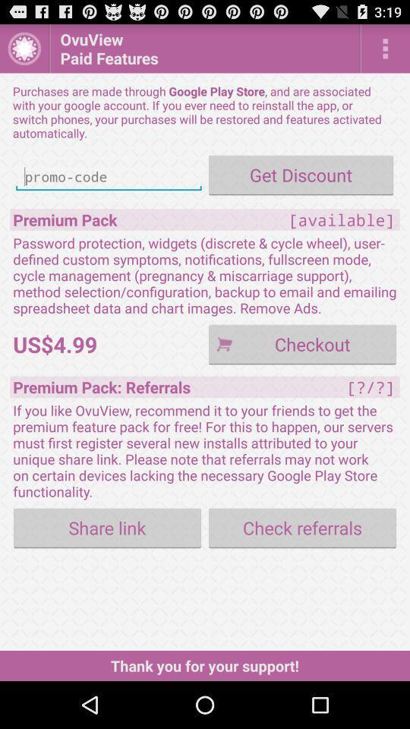 The height and width of the screenshot is (729, 410). I want to click on the icon above the purchases are made icon, so click(205, 48).